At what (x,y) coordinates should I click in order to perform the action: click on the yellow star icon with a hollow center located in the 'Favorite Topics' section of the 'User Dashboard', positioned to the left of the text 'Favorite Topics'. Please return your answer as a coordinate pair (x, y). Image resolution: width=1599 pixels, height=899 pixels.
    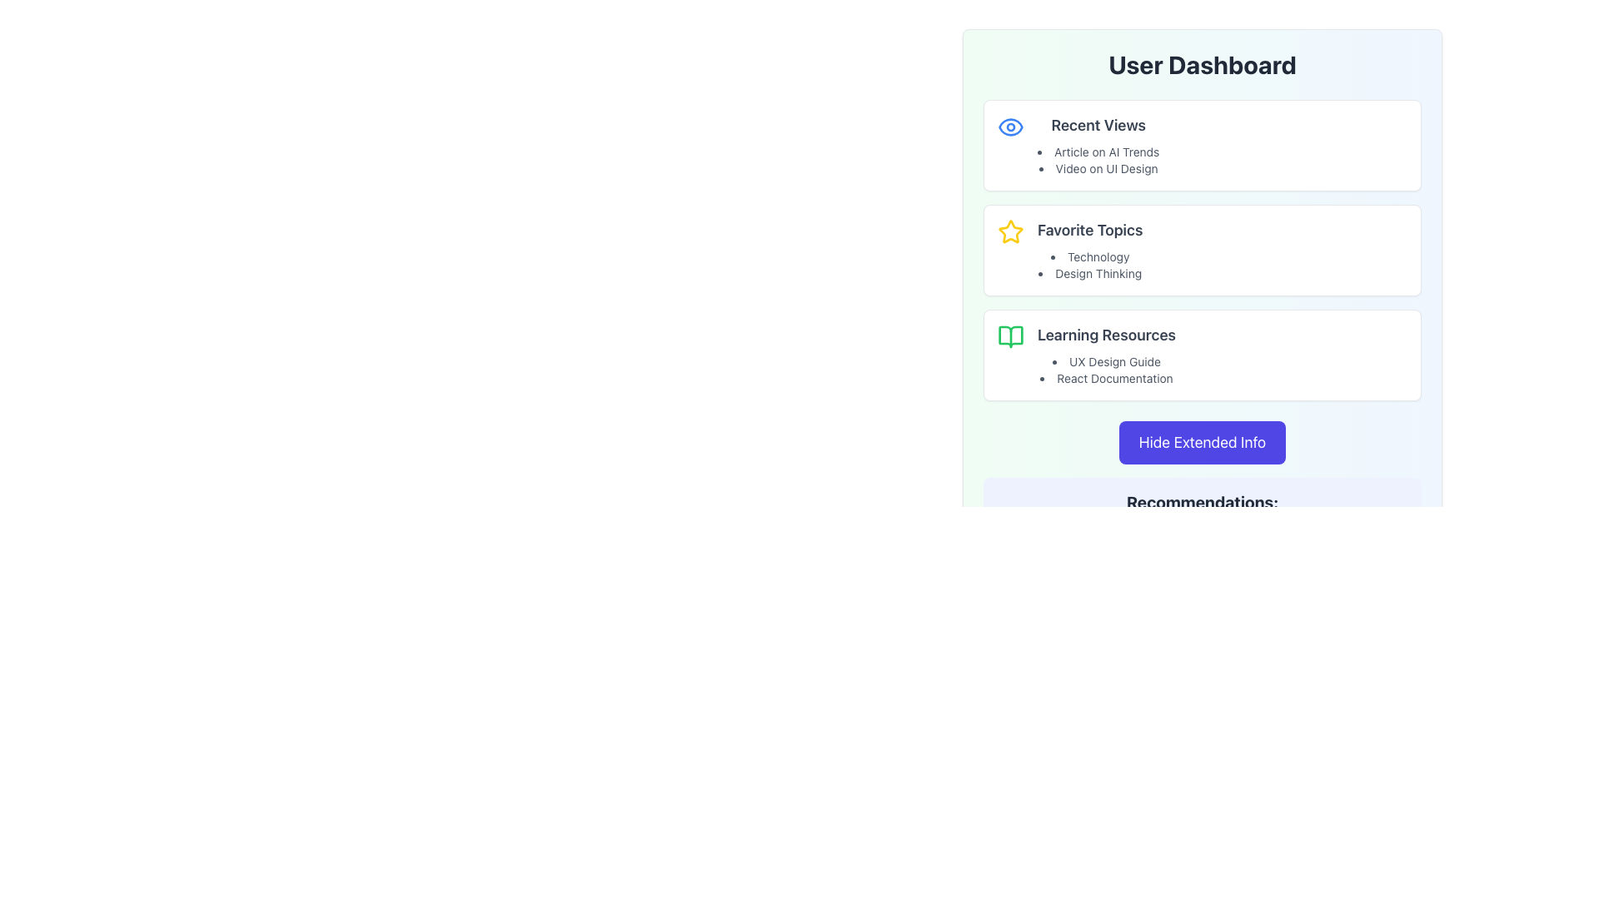
    Looking at the image, I should click on (1010, 231).